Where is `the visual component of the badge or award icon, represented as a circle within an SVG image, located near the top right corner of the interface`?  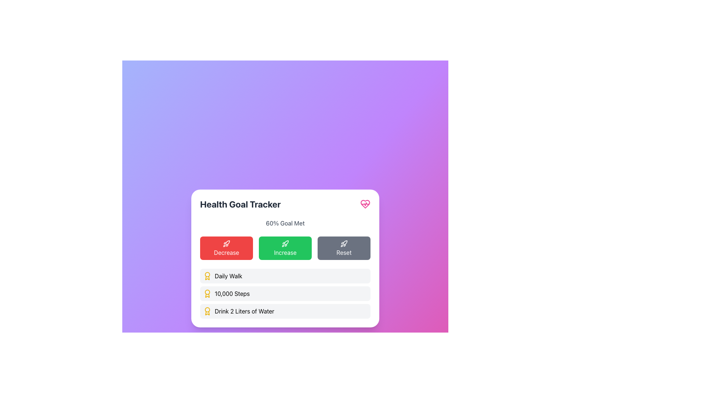 the visual component of the badge or award icon, represented as a circle within an SVG image, located near the top right corner of the interface is located at coordinates (207, 274).